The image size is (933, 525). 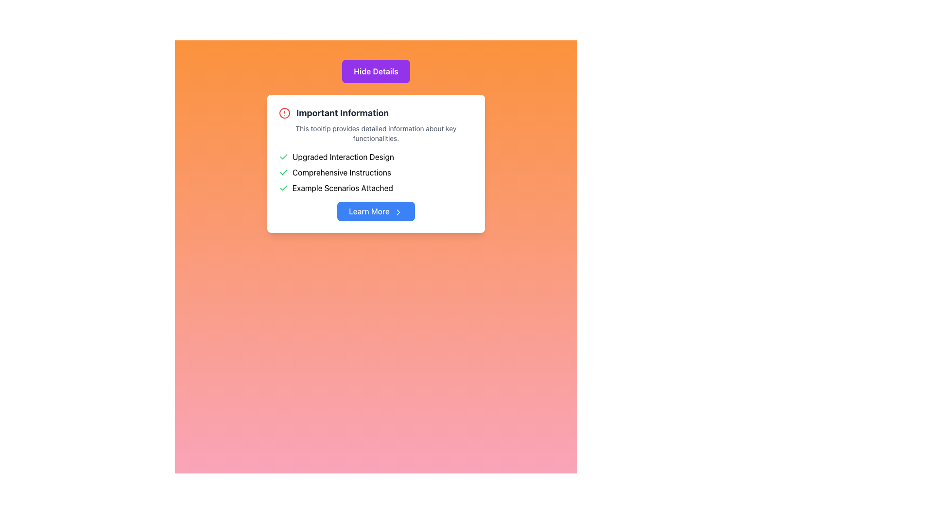 I want to click on the green checkmark icon that is positioned to the left of the text 'Example Scenarios Attached' in the modal below 'Comprehensive Instructions', so click(x=283, y=188).